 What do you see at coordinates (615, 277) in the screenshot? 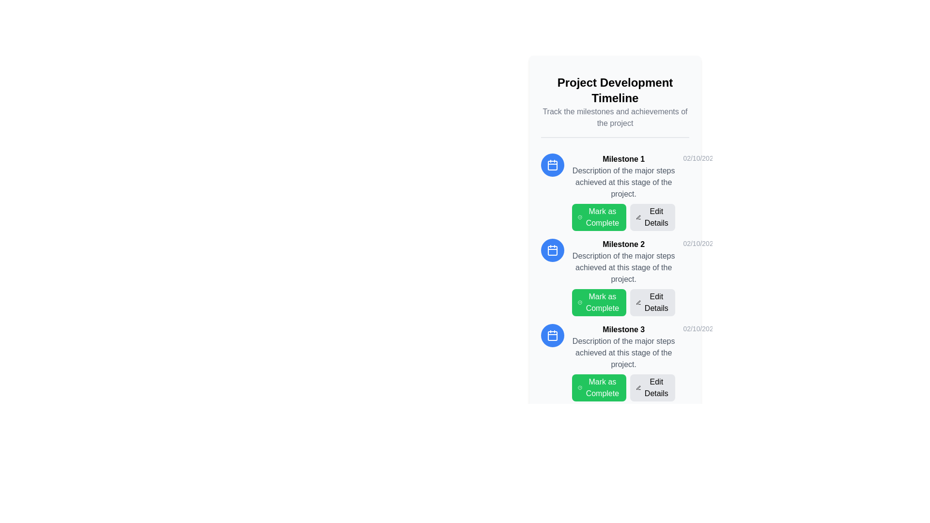
I see `the description text of the second milestone in the Project Development Timeline, which provides information about the milestone's title, description, and completion status` at bounding box center [615, 277].